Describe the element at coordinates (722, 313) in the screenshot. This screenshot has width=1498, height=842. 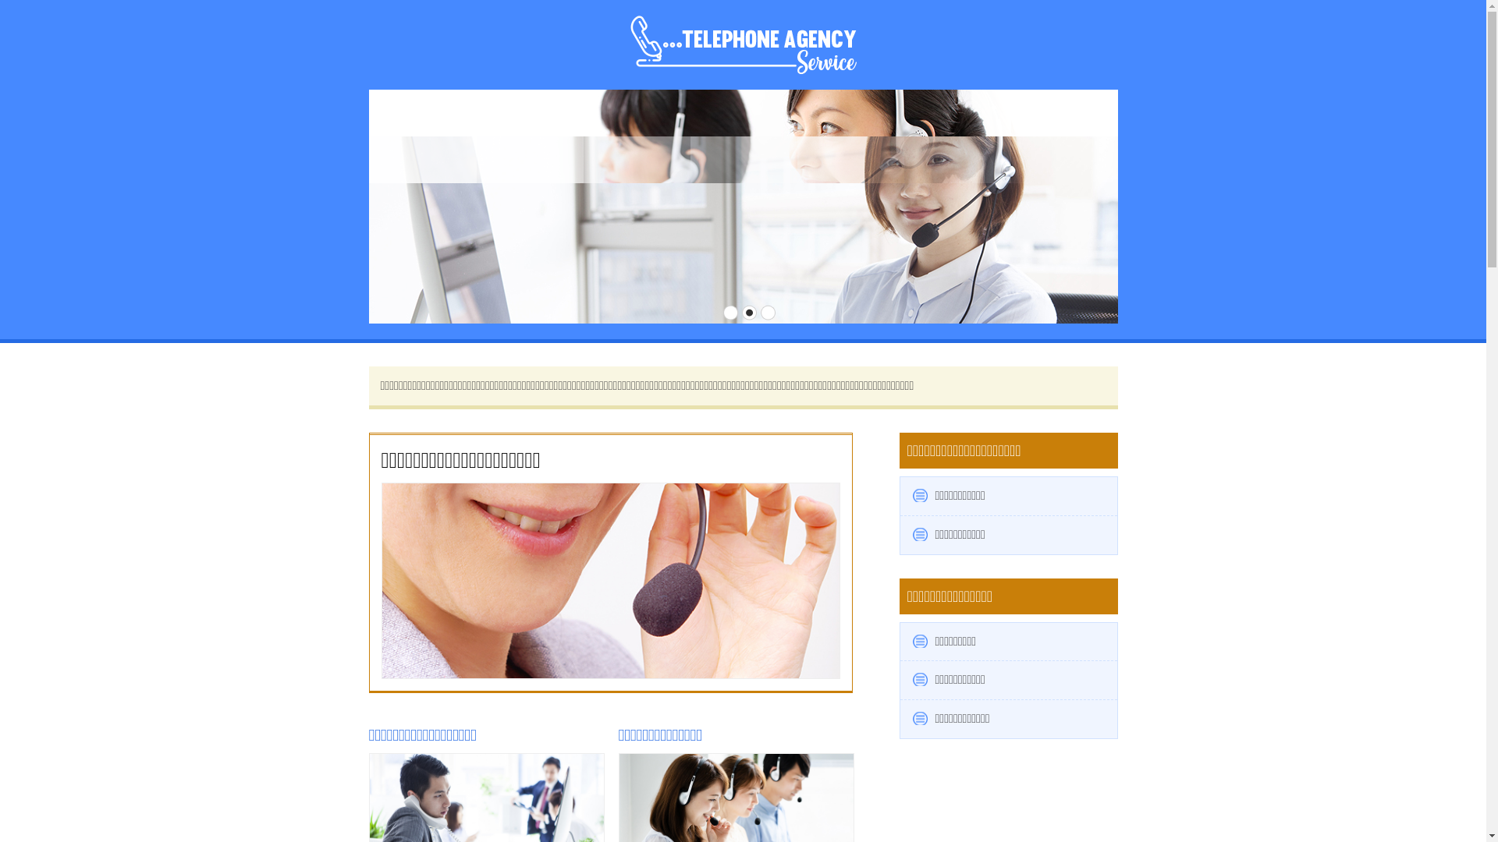
I see `'1'` at that location.